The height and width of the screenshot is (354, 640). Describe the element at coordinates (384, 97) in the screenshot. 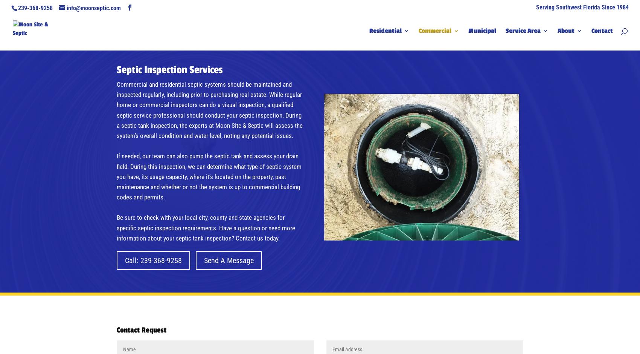

I see `'Drain Fields'` at that location.